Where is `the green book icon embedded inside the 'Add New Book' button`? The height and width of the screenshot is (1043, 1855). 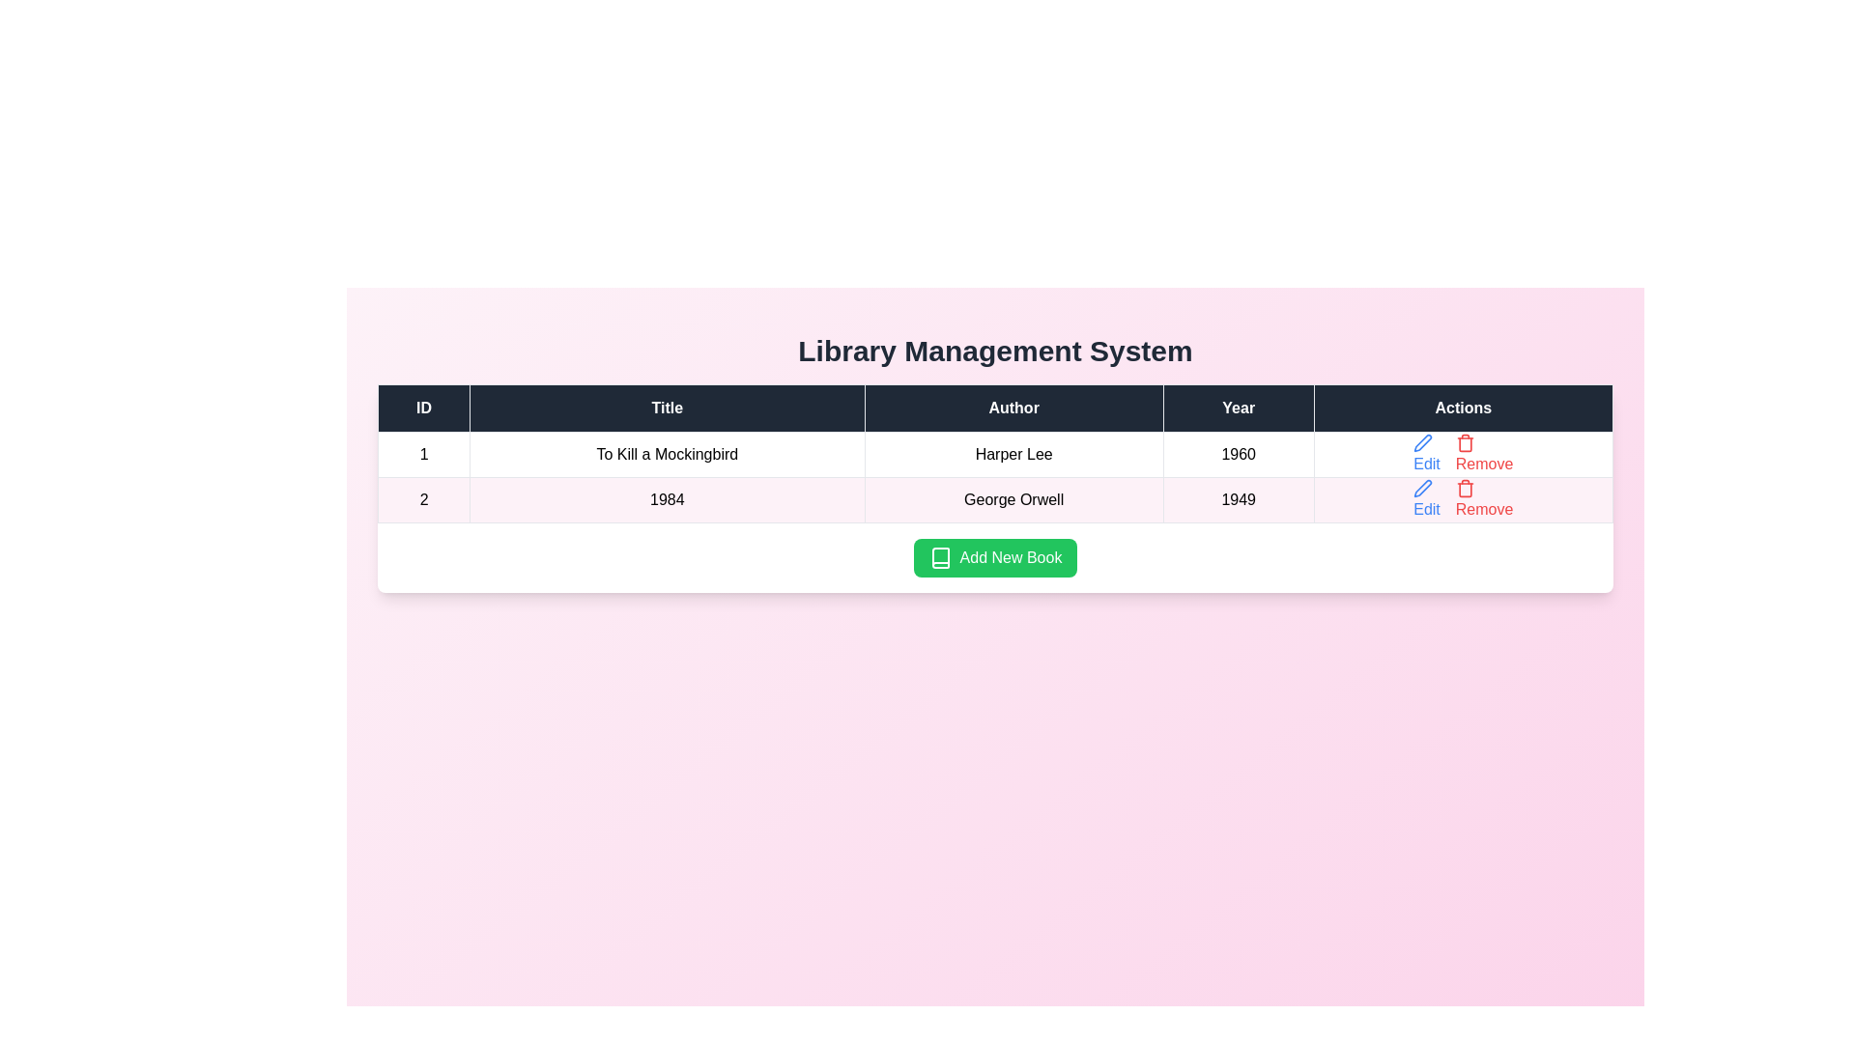 the green book icon embedded inside the 'Add New Book' button is located at coordinates (940, 558).